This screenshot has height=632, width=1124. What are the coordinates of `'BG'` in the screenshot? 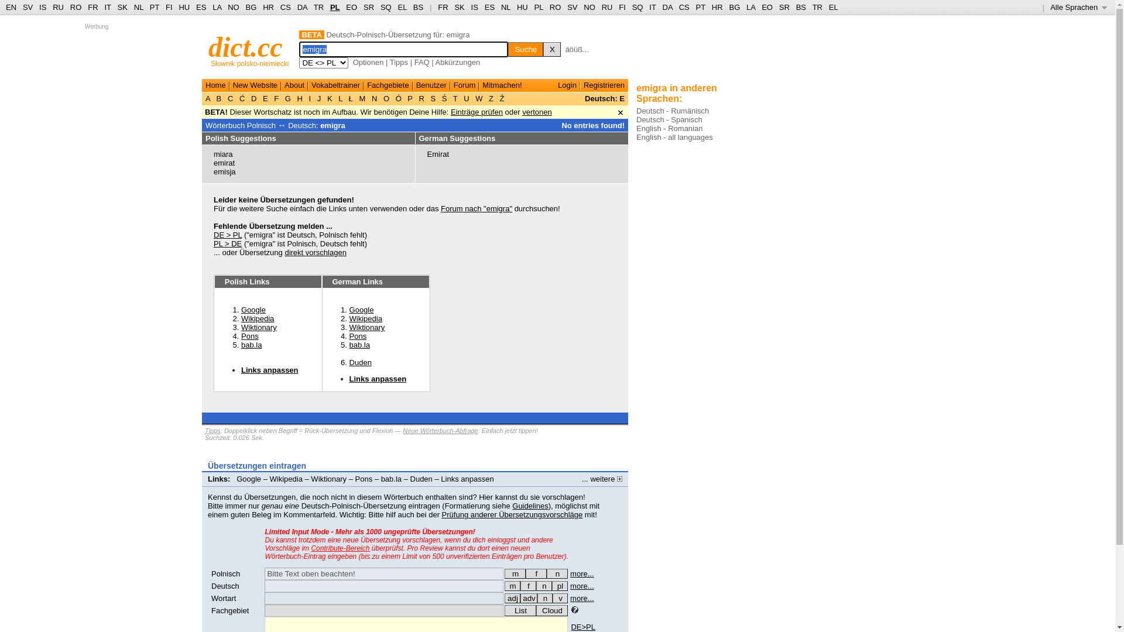 It's located at (251, 7).